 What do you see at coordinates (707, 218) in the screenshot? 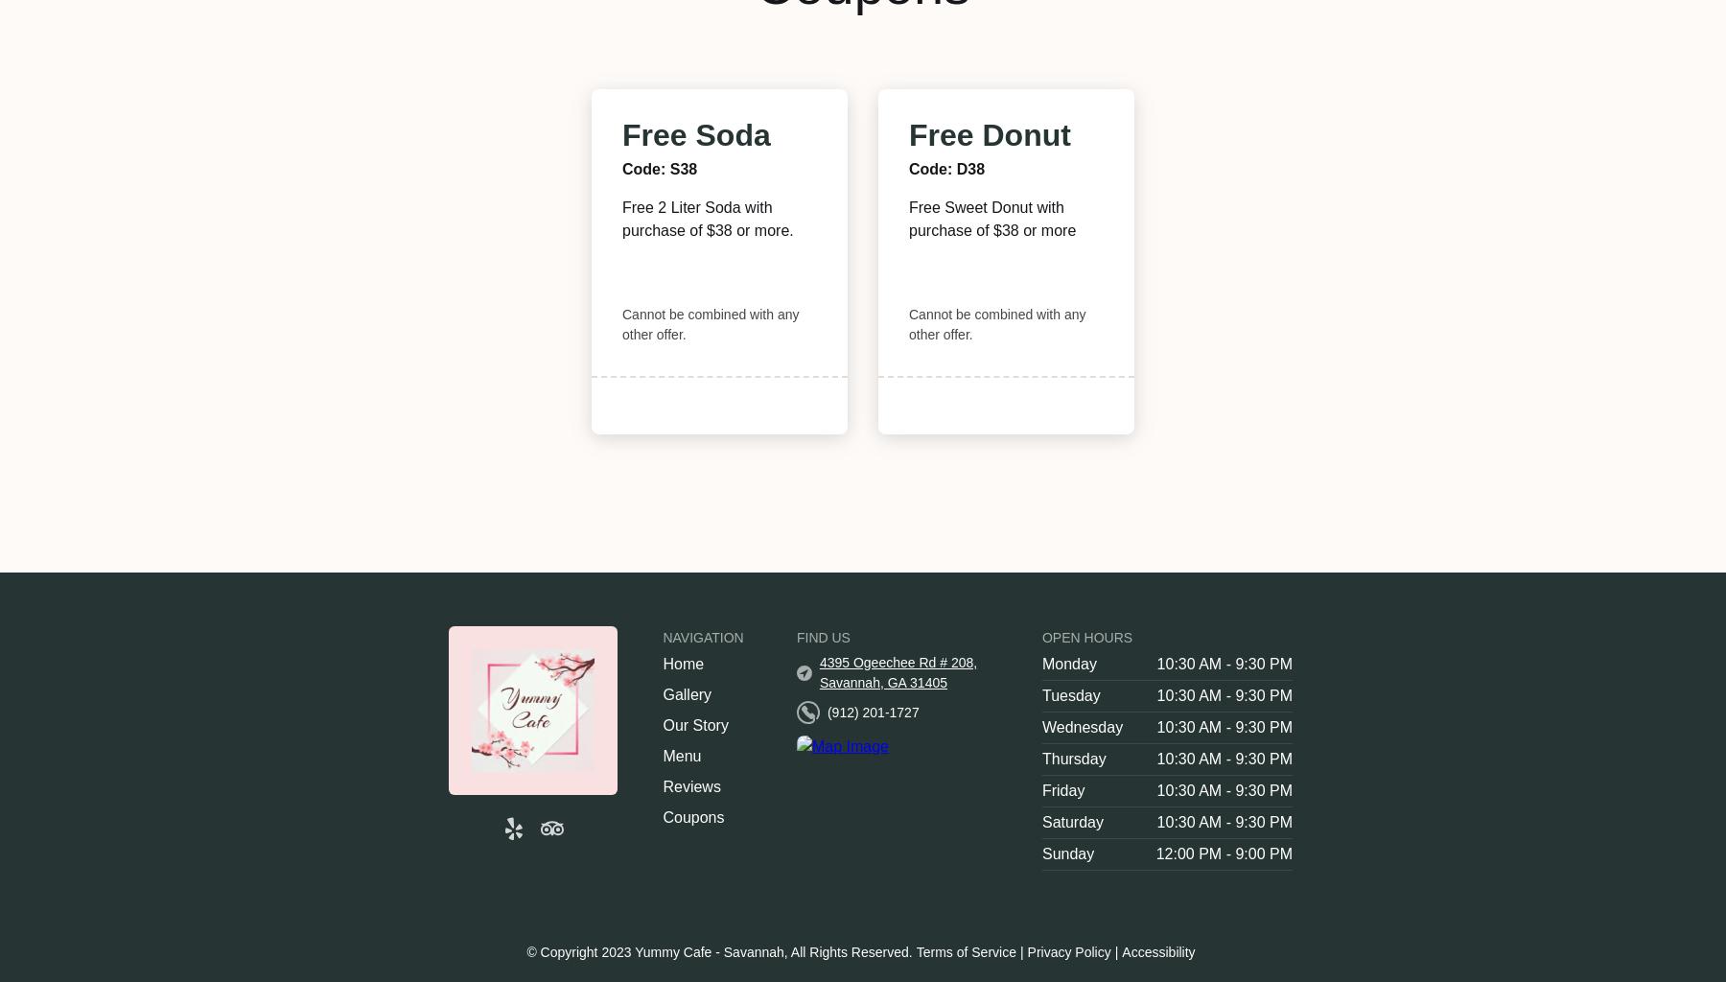
I see `'Free 2 Liter Soda with purchase of $38 or more.'` at bounding box center [707, 218].